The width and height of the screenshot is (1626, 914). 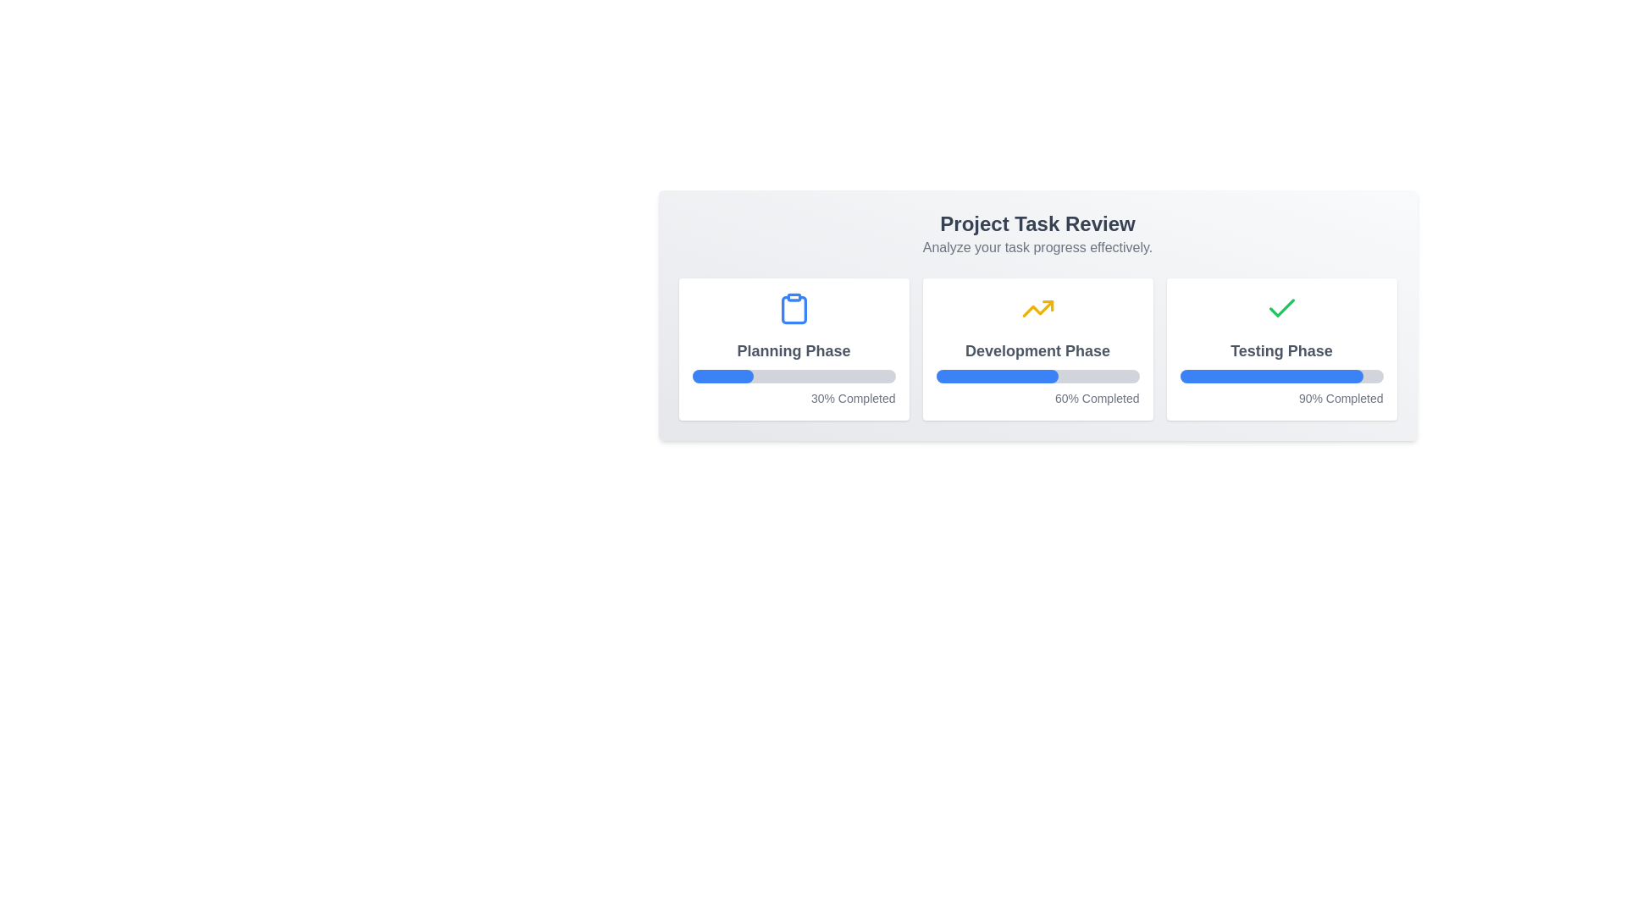 What do you see at coordinates (1281, 308) in the screenshot?
I see `the checkmark icon indicating the completion of the 'Testing Phase' task, which is located at the top-right of the 'Testing Phase' card, above the blue progress bar` at bounding box center [1281, 308].